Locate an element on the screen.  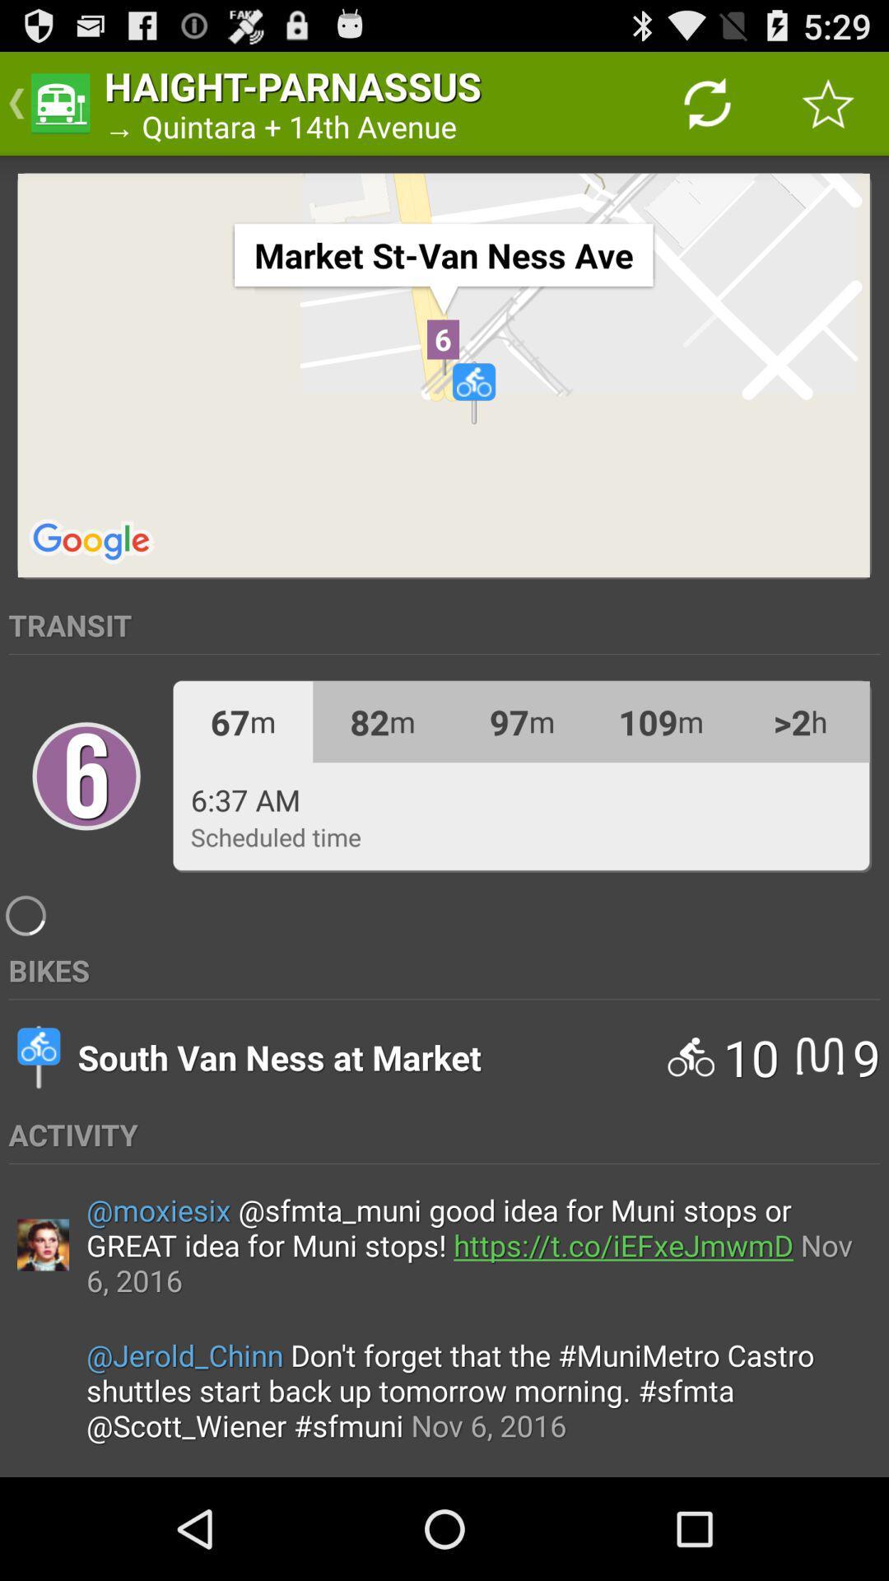
the lock icon is located at coordinates (86, 830).